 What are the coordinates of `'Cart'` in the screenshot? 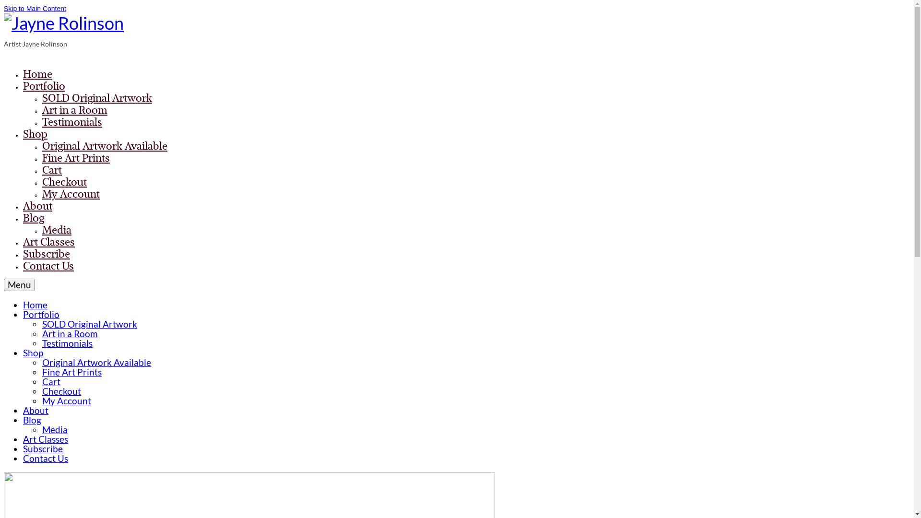 It's located at (50, 381).